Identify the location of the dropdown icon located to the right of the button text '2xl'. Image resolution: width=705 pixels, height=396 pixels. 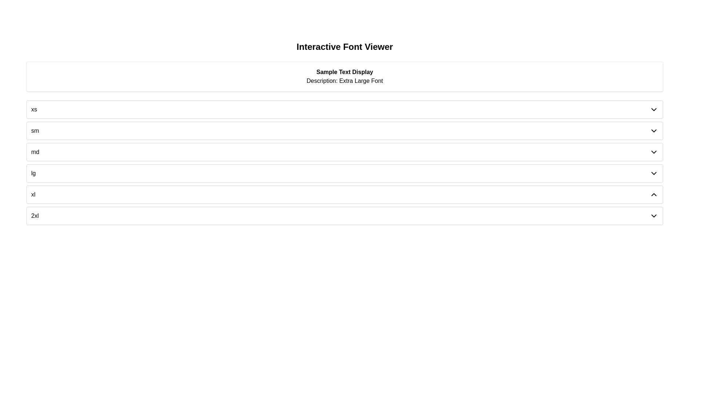
(654, 216).